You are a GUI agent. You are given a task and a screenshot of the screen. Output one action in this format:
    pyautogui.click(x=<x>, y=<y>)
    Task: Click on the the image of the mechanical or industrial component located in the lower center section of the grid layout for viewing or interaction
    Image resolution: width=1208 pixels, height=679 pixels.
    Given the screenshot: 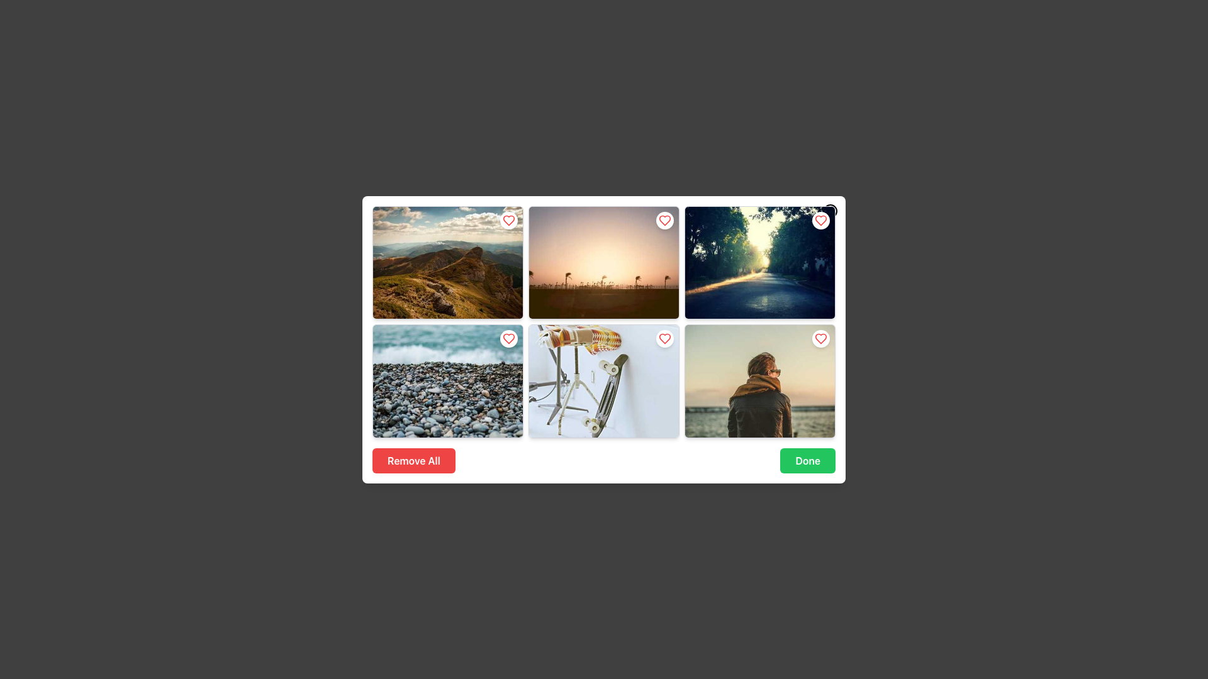 What is the action you would take?
    pyautogui.click(x=604, y=380)
    